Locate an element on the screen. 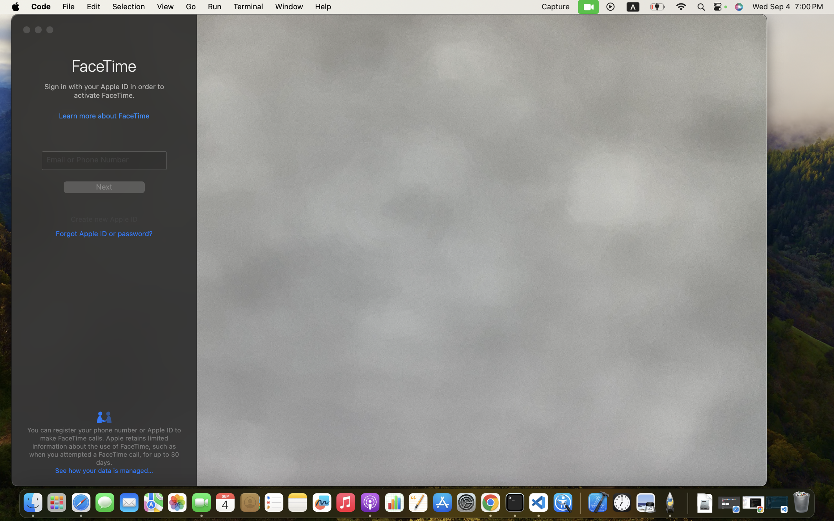 This screenshot has width=834, height=521. 'Sign in with your Apple ID in order to activate FaceTime.' is located at coordinates (104, 92).